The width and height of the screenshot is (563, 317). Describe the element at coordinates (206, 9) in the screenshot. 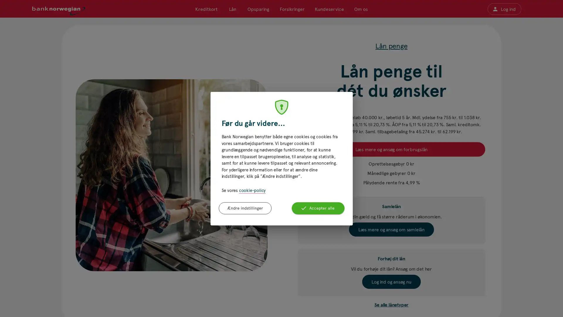

I see `Kreditkort` at that location.